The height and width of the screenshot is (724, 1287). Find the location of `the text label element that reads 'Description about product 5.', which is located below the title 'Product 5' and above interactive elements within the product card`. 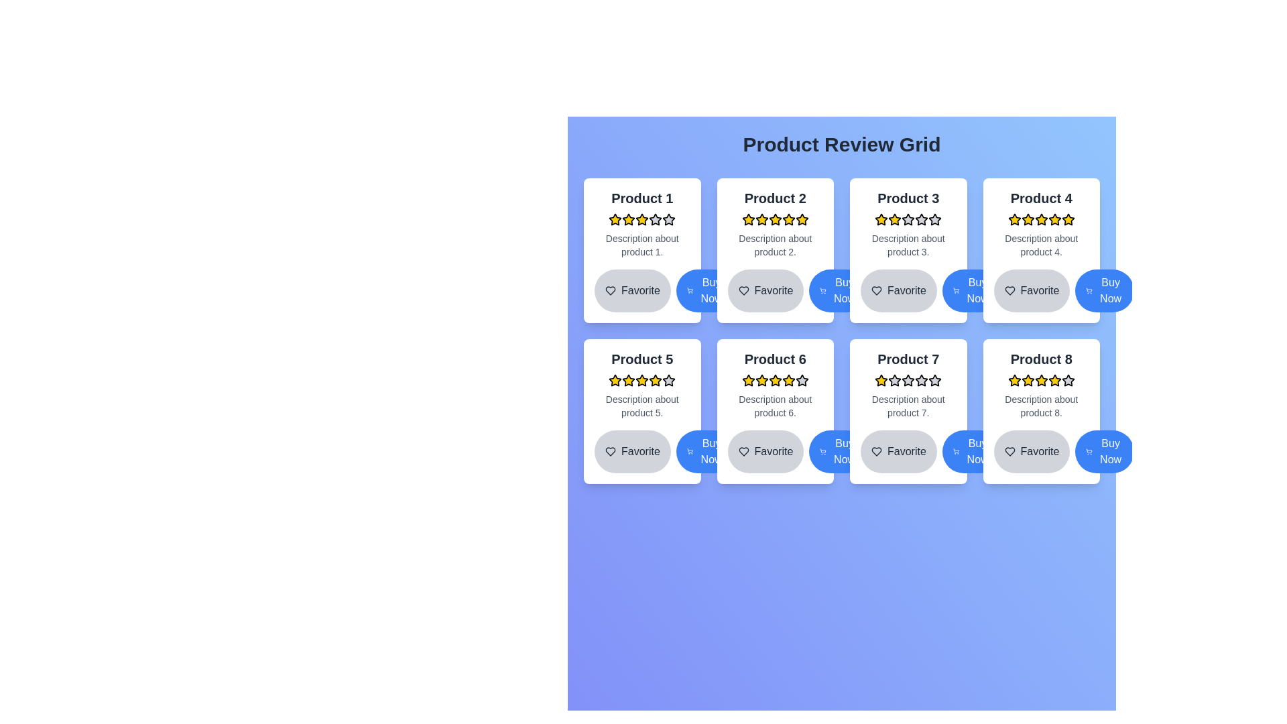

the text label element that reads 'Description about product 5.', which is located below the title 'Product 5' and above interactive elements within the product card is located at coordinates (641, 405).